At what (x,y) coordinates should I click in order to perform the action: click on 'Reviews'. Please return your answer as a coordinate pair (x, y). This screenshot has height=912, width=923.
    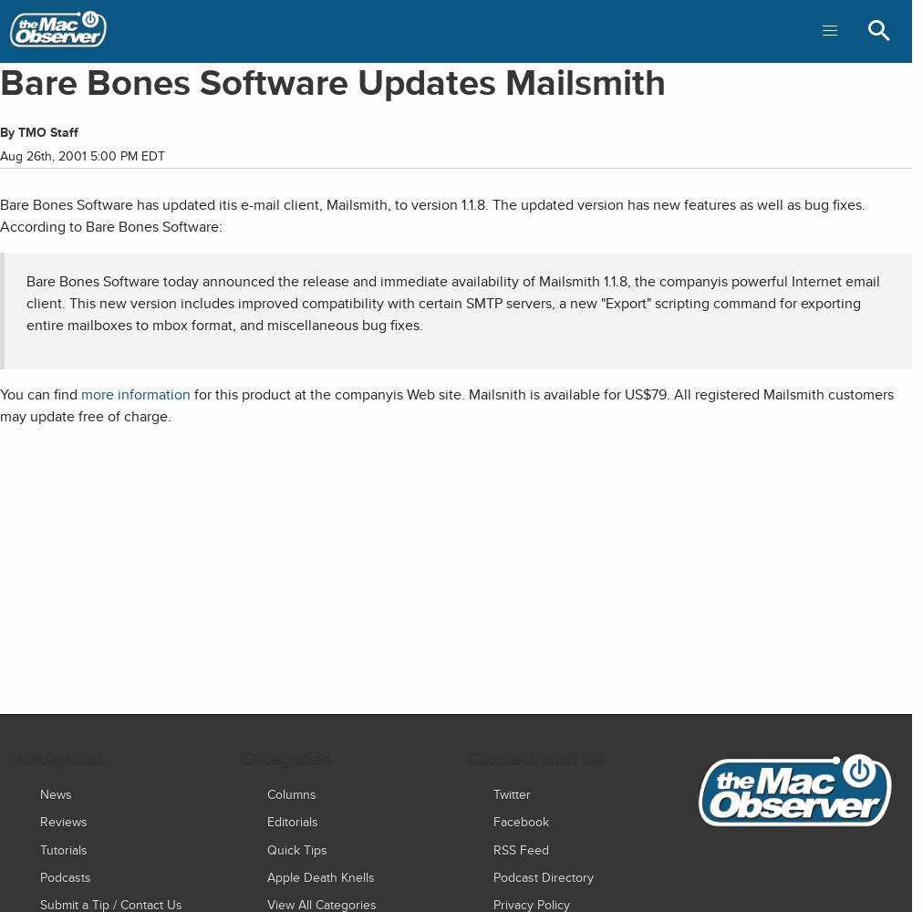
    Looking at the image, I should click on (63, 821).